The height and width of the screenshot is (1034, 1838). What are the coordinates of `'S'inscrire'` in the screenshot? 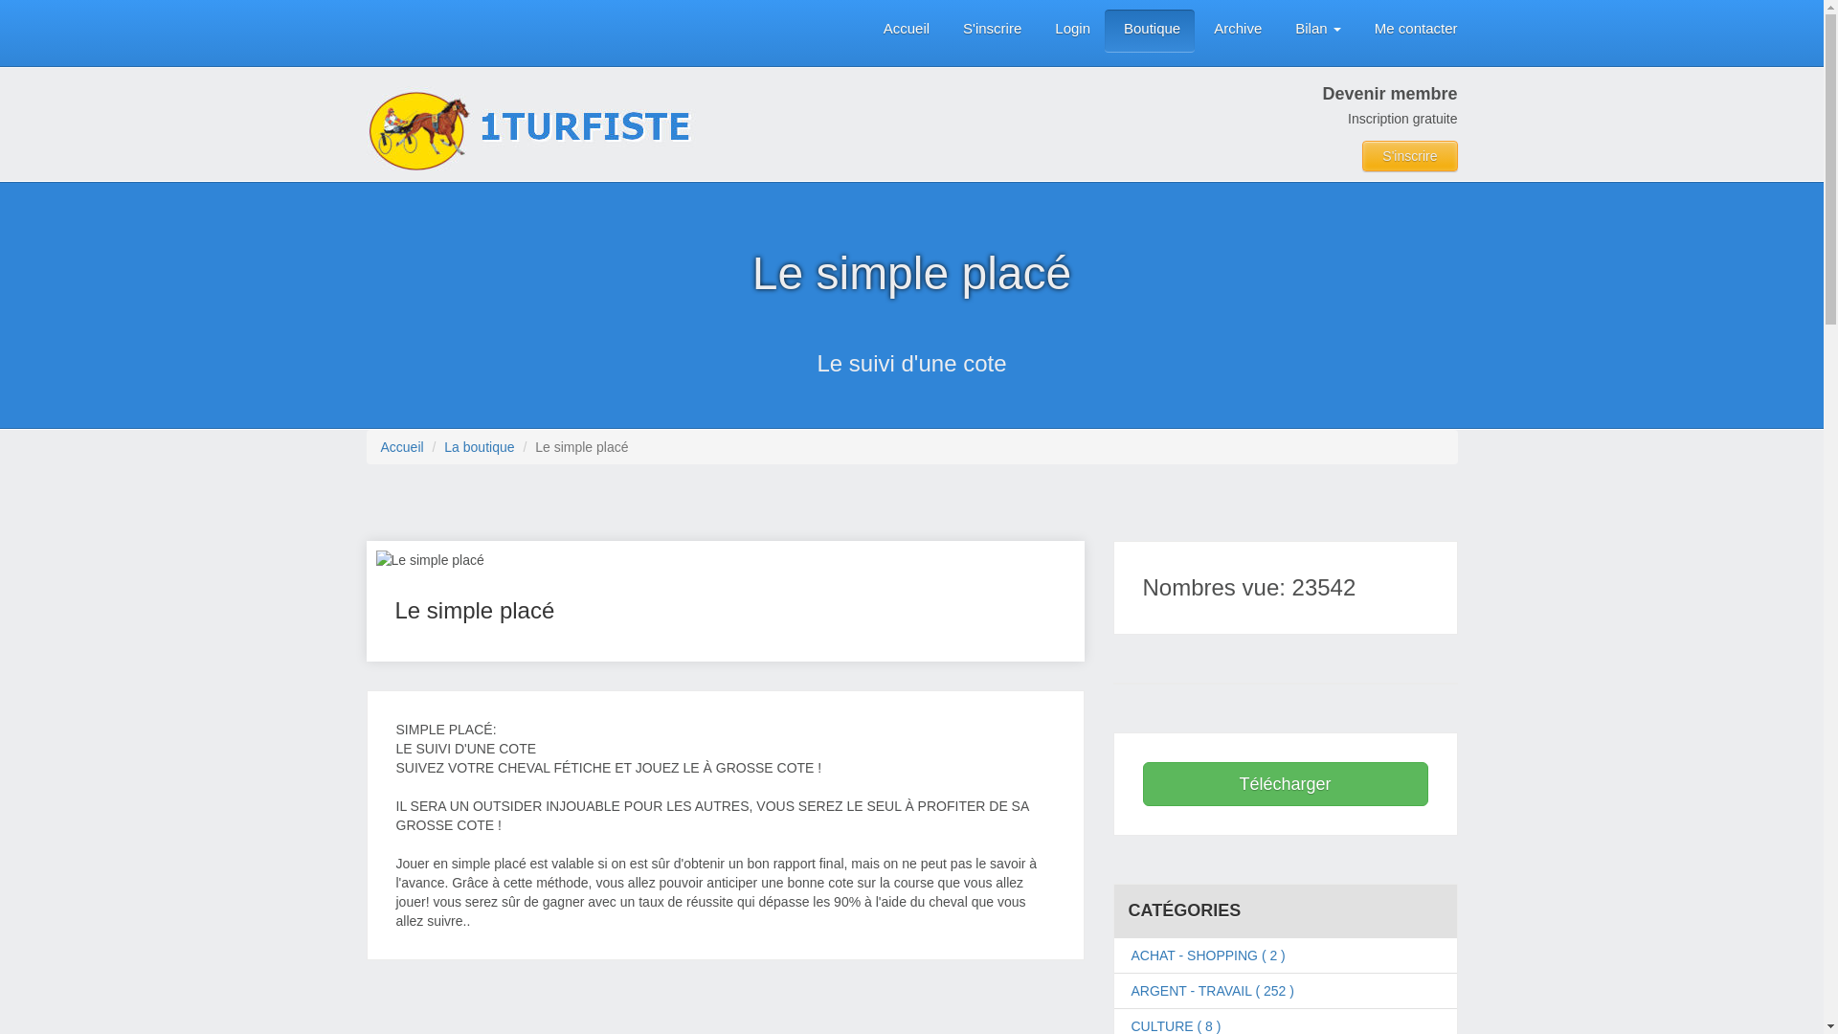 It's located at (1409, 154).